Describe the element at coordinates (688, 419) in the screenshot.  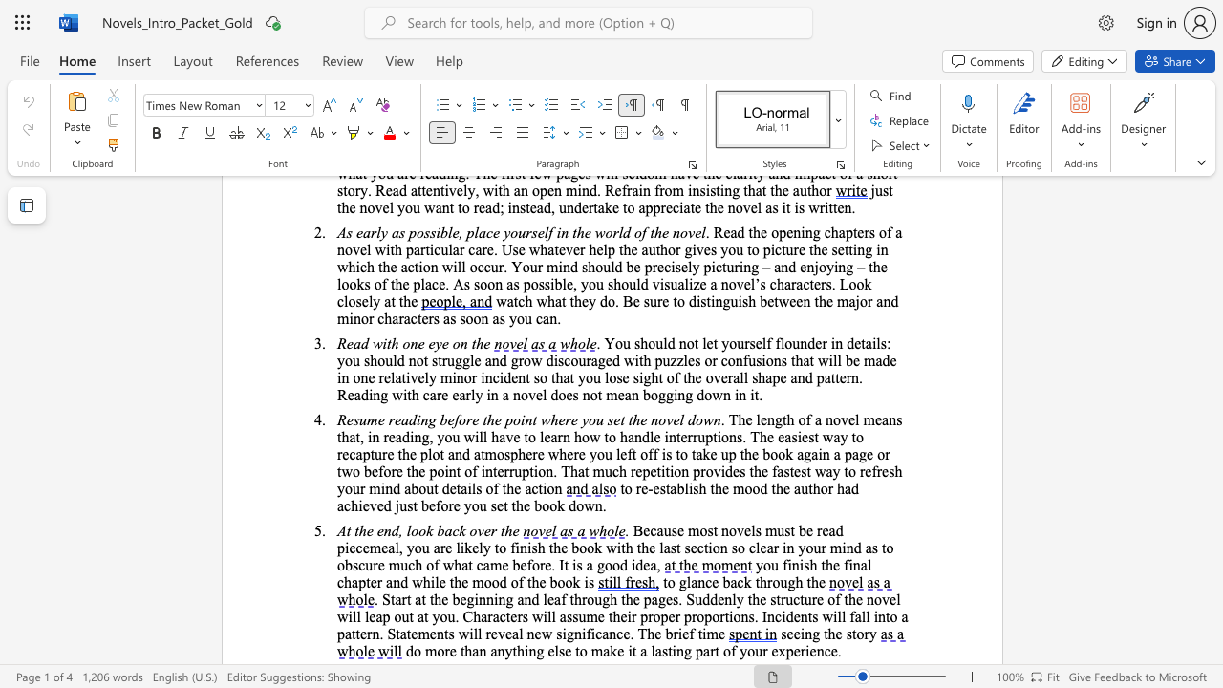
I see `the subset text "dow" within the text "Resume reading before the point where you set the novel down"` at that location.